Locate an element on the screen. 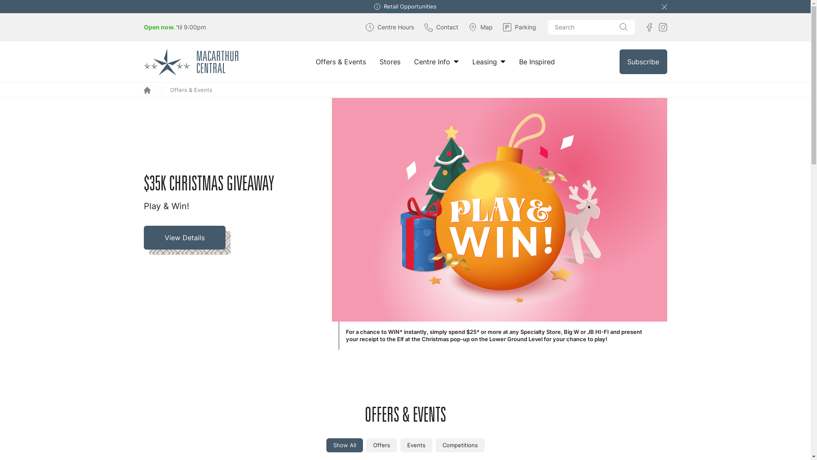  'Offers' is located at coordinates (381, 445).